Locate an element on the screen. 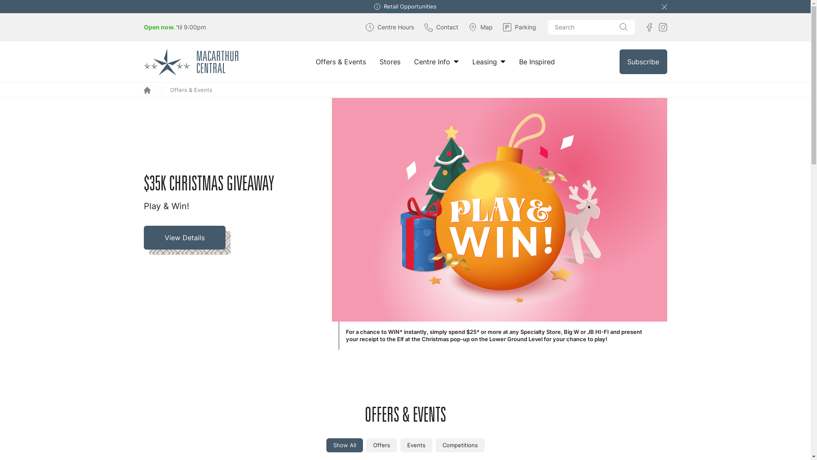  'Offers' is located at coordinates (381, 445).